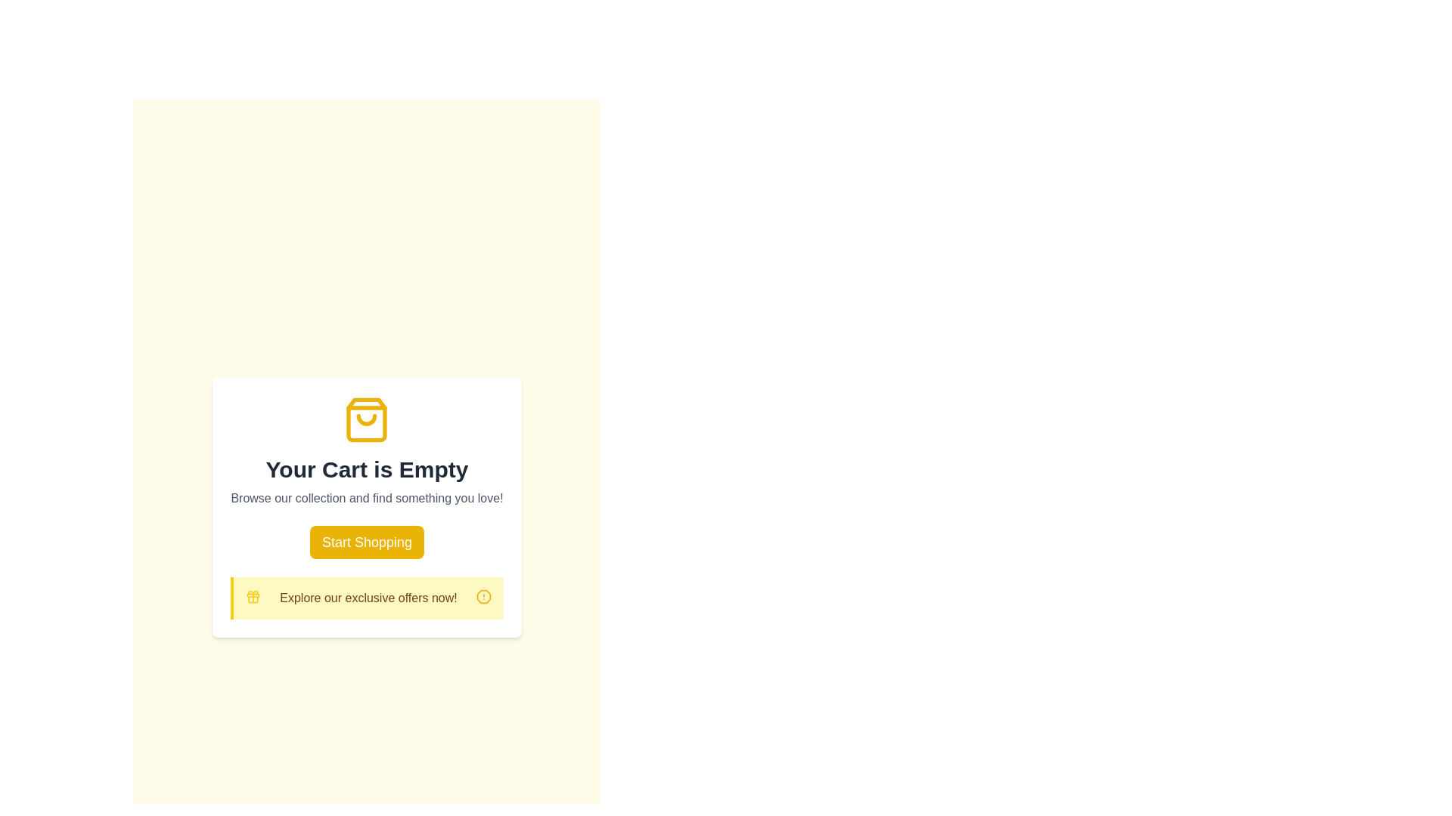  What do you see at coordinates (367, 507) in the screenshot?
I see `promotional text in the notification card that says 'Browse our collection and find something you love!'` at bounding box center [367, 507].